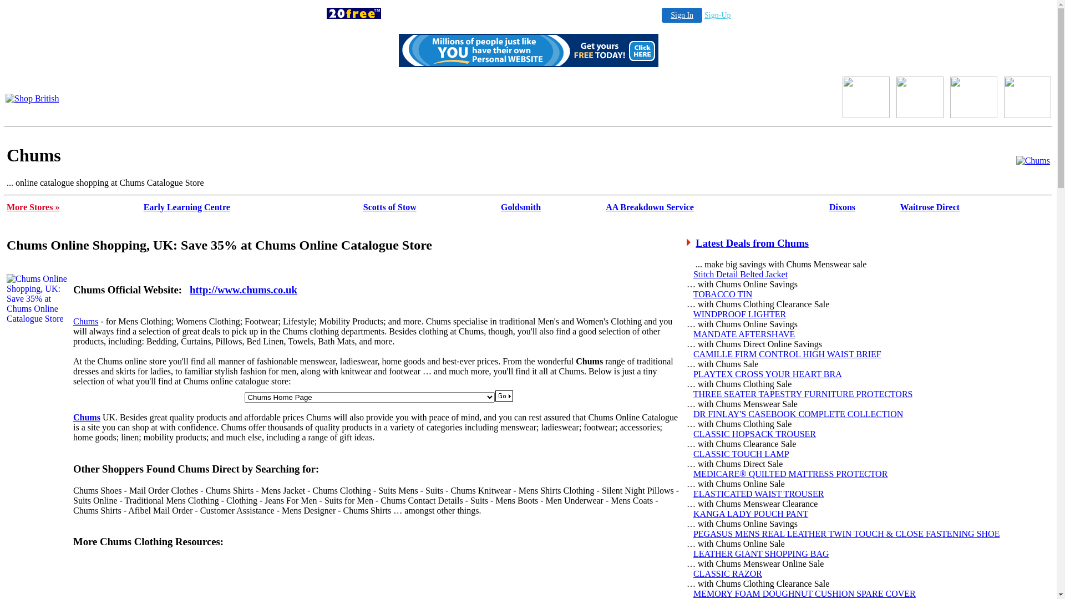  What do you see at coordinates (73, 417) in the screenshot?
I see `'Chums'` at bounding box center [73, 417].